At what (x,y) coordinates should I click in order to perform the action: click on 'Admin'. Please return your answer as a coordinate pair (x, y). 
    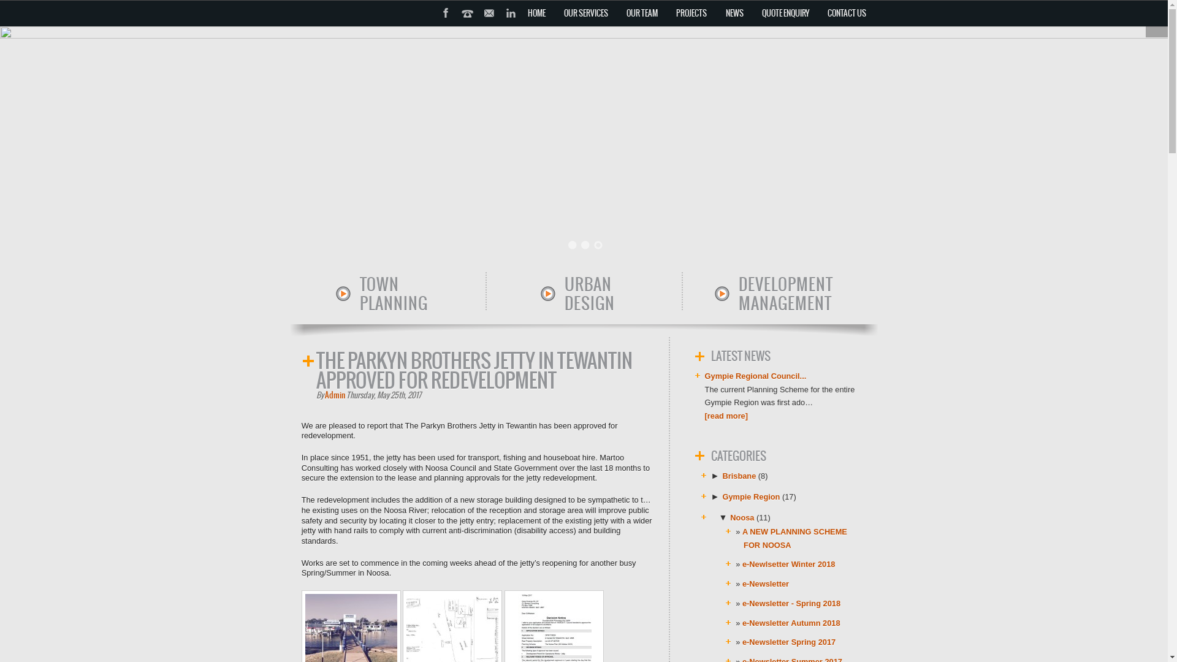
    Looking at the image, I should click on (335, 395).